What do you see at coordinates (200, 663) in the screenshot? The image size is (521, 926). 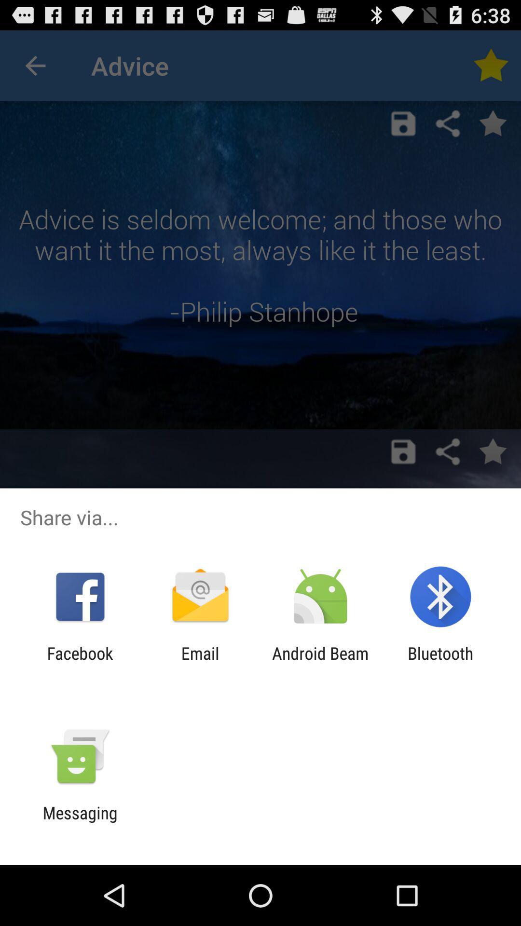 I see `item next to android beam item` at bounding box center [200, 663].